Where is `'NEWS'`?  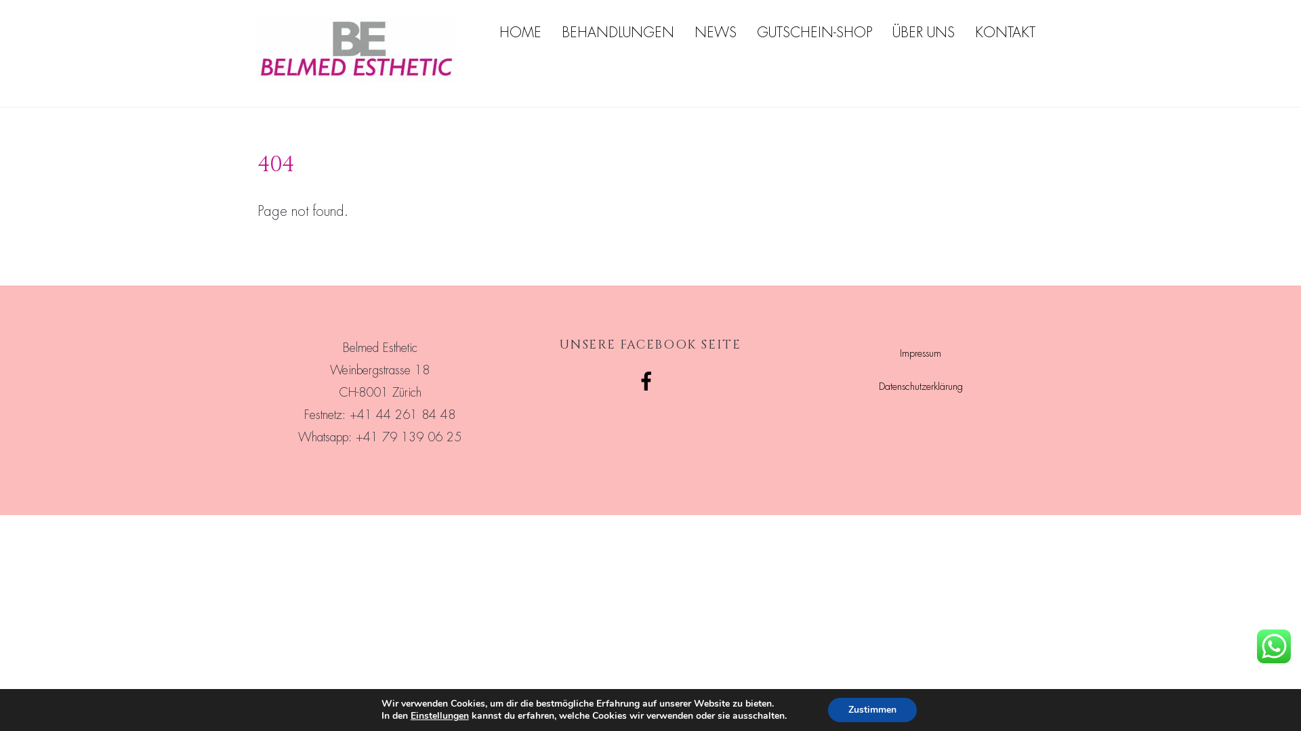 'NEWS' is located at coordinates (686, 32).